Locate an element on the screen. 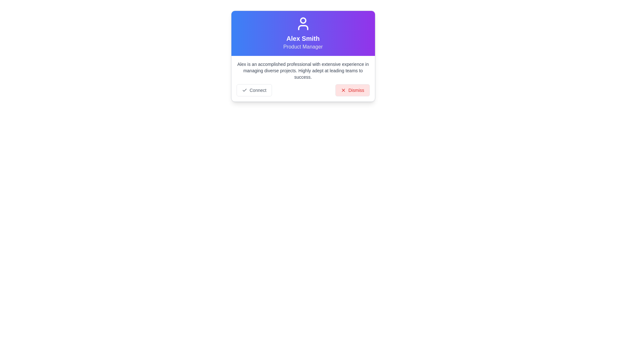 Image resolution: width=618 pixels, height=347 pixels. the user icon, which is an SVG graphic styled in white, located in the upper section of the card above the text 'Alex Smith' and 'Product Manager' is located at coordinates (303, 23).